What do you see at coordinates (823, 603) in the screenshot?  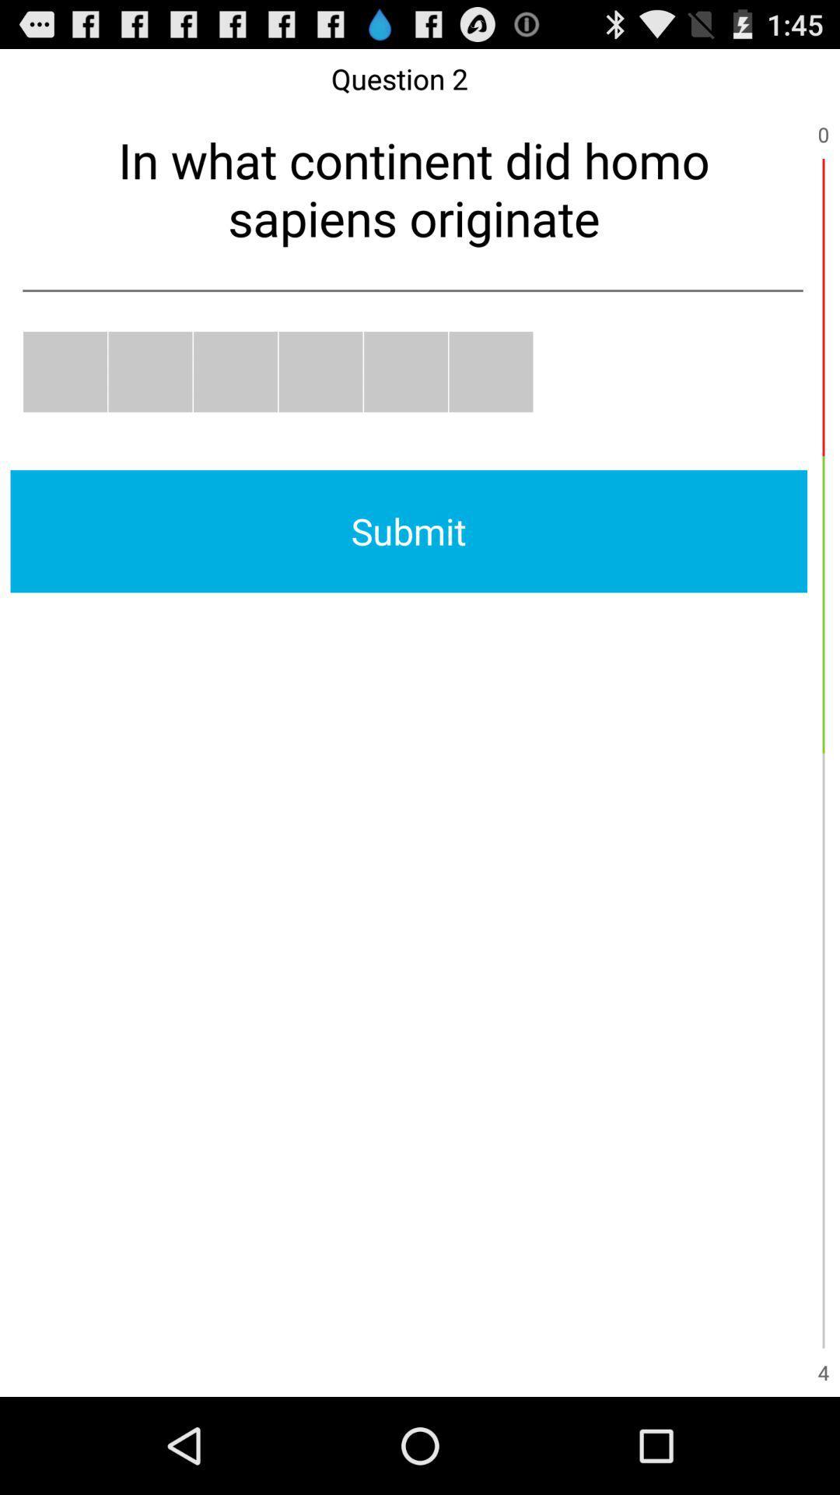 I see `item next to the submit` at bounding box center [823, 603].